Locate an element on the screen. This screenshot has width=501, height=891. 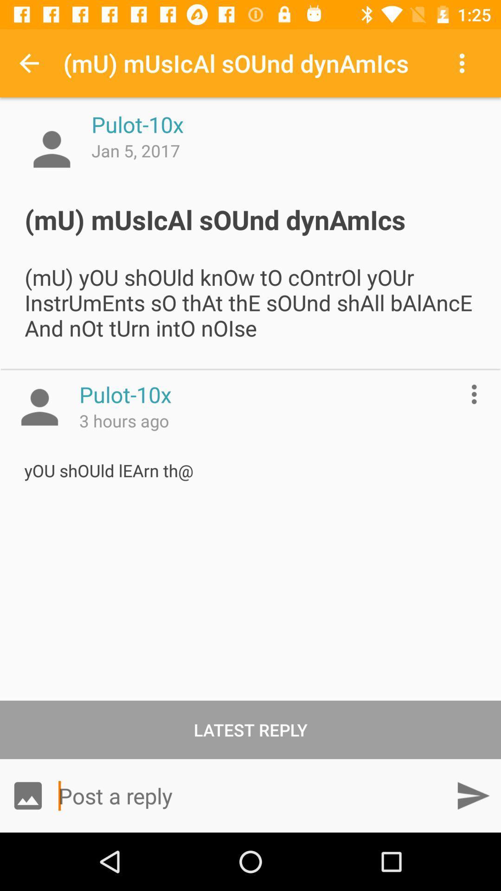
the item at the top right corner is located at coordinates (464, 63).